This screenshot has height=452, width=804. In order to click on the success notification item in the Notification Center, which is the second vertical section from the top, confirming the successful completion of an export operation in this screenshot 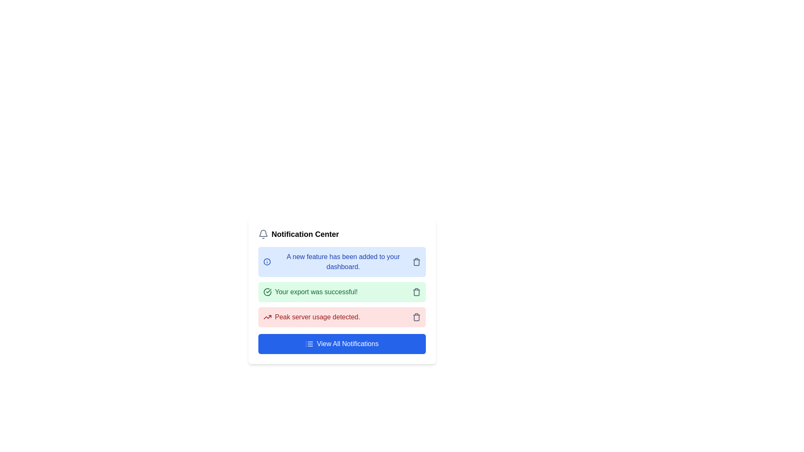, I will do `click(342, 287)`.